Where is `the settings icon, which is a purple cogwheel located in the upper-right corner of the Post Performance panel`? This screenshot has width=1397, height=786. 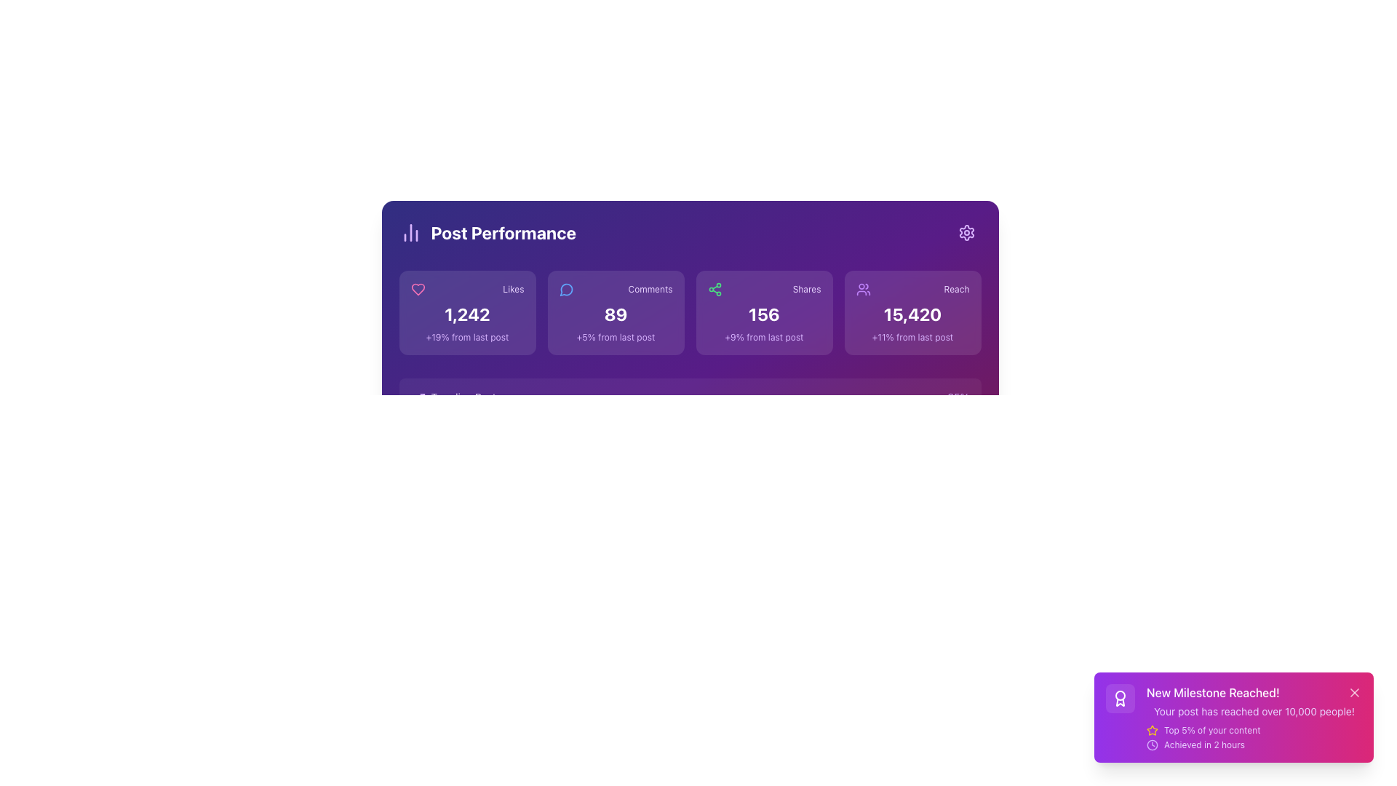
the settings icon, which is a purple cogwheel located in the upper-right corner of the Post Performance panel is located at coordinates (966, 232).